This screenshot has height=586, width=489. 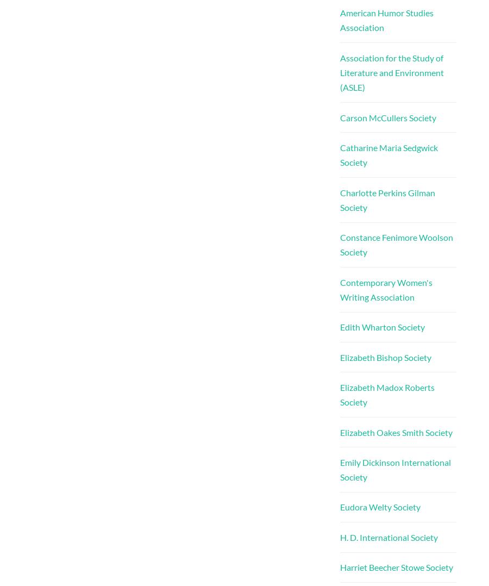 What do you see at coordinates (394, 469) in the screenshot?
I see `'Emily Dickinson International Society'` at bounding box center [394, 469].